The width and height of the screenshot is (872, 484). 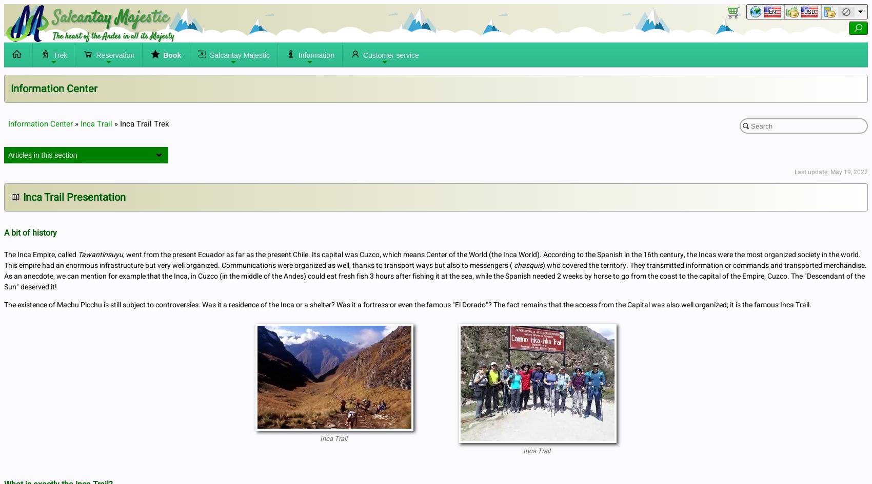 I want to click on 'The Inca Empire, called', so click(x=41, y=254).